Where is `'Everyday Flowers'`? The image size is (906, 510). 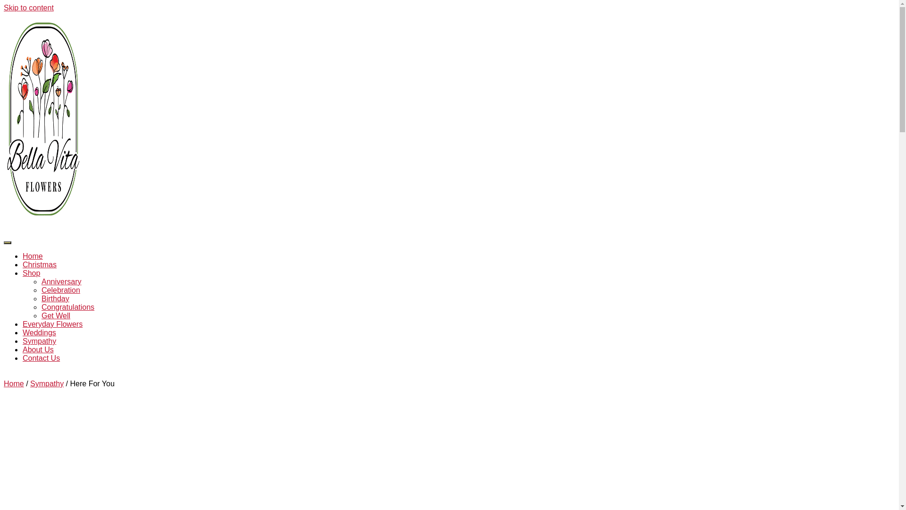
'Everyday Flowers' is located at coordinates (52, 323).